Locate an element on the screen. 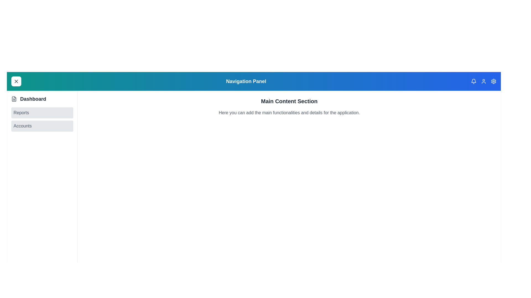  the Menu section in the left-side navigation panel, which contains vertically aligned options for 'Reports' and 'Accounts' is located at coordinates (42, 119).